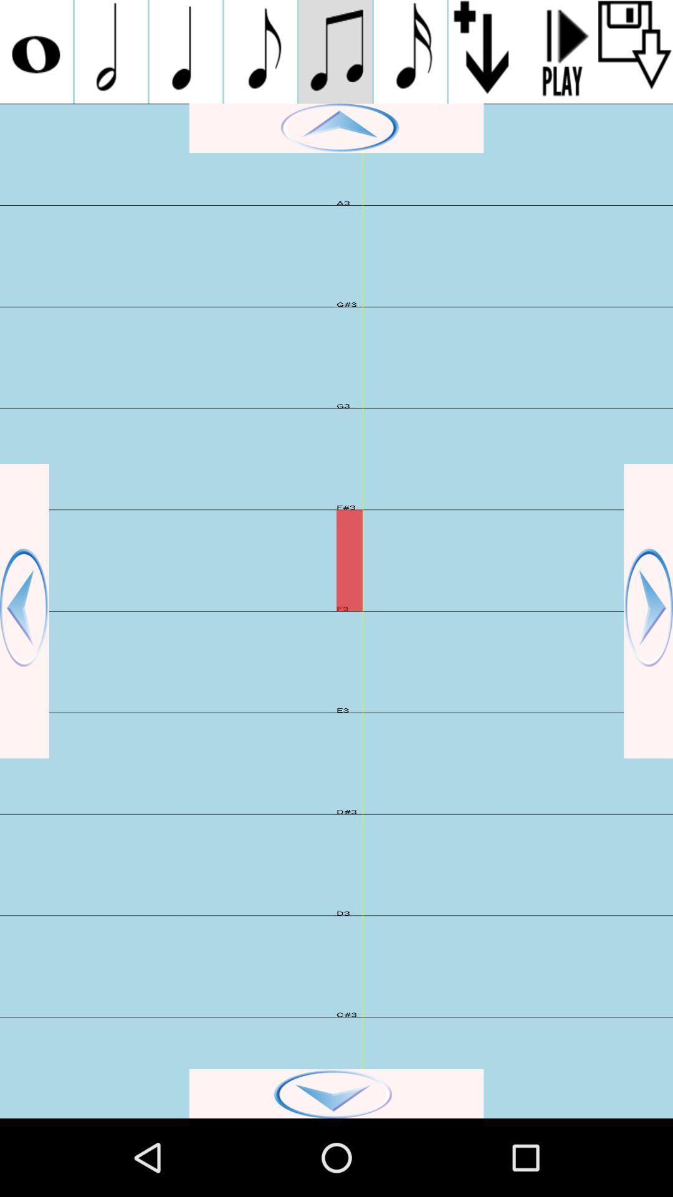 Image resolution: width=673 pixels, height=1197 pixels. I want to click on this exercise, so click(635, 51).